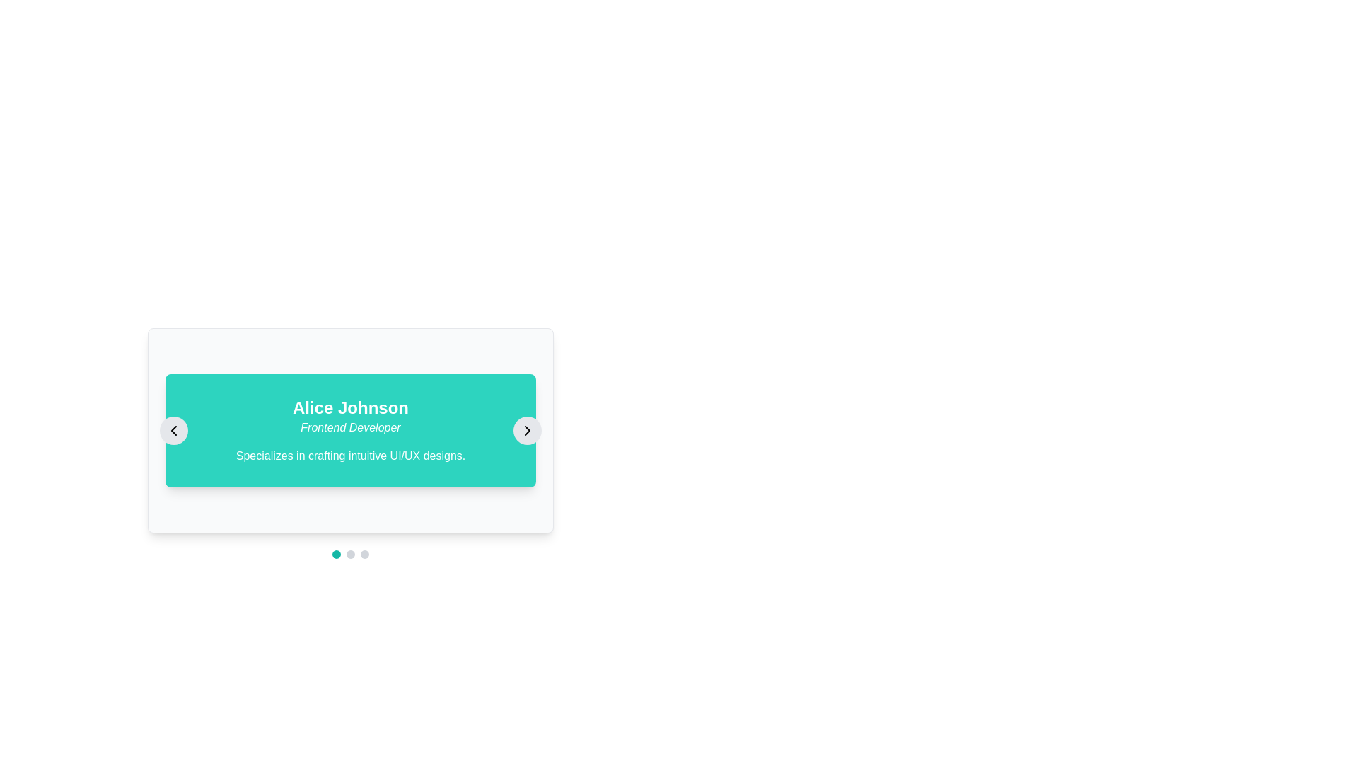  What do you see at coordinates (173, 430) in the screenshot?
I see `the leftward-pointing chevron icon within the circular button on the teal card containing information about 'Alice Johnson, Frontend Developer'` at bounding box center [173, 430].